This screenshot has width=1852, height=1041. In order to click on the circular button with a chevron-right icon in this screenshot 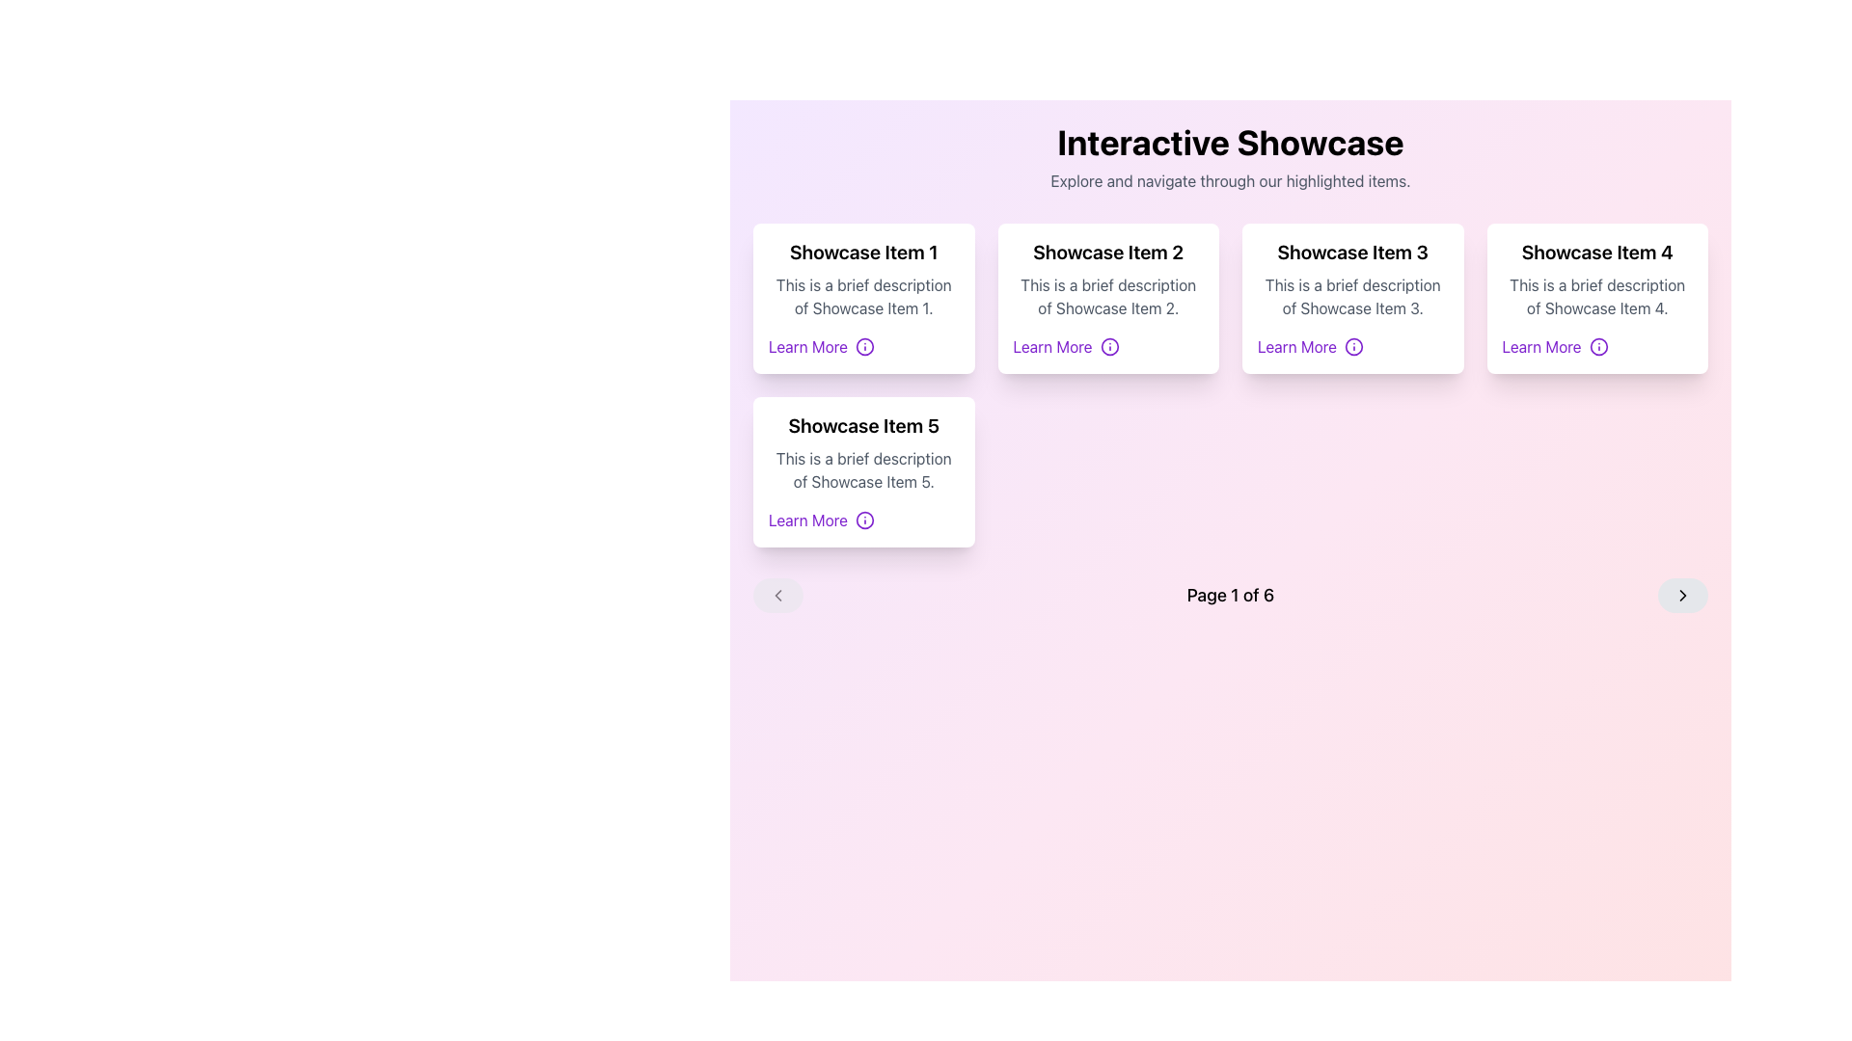, I will do `click(1681, 594)`.